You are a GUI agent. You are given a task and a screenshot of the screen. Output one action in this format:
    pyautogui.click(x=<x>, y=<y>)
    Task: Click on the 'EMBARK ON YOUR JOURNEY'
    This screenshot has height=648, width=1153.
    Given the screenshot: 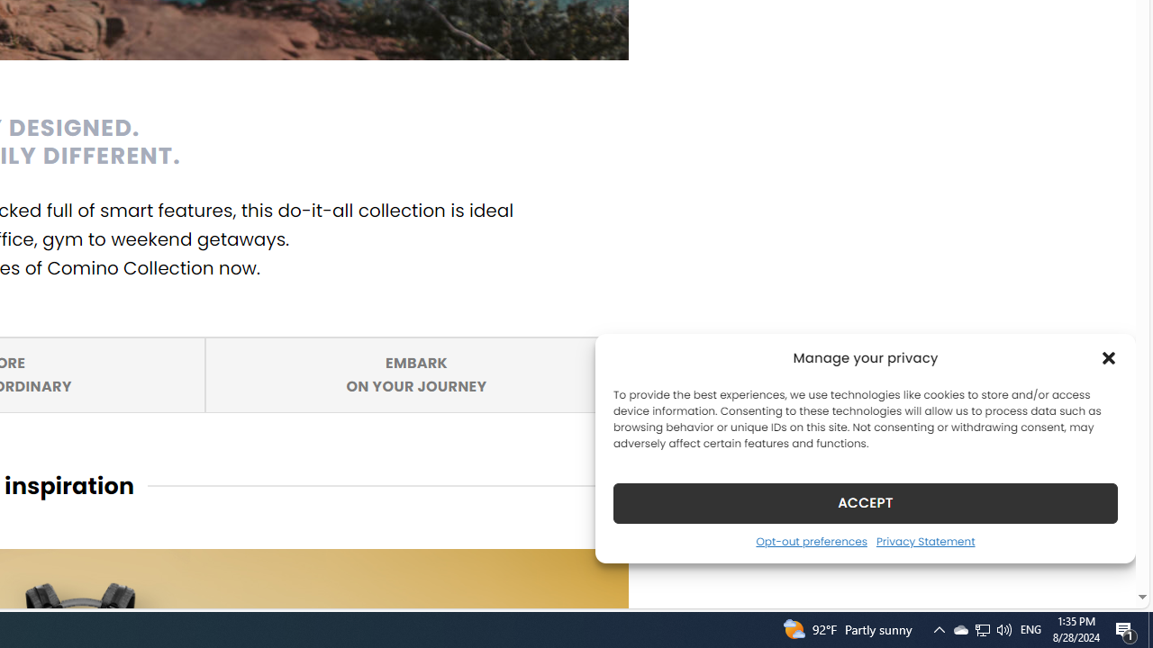 What is the action you would take?
    pyautogui.click(x=415, y=373)
    